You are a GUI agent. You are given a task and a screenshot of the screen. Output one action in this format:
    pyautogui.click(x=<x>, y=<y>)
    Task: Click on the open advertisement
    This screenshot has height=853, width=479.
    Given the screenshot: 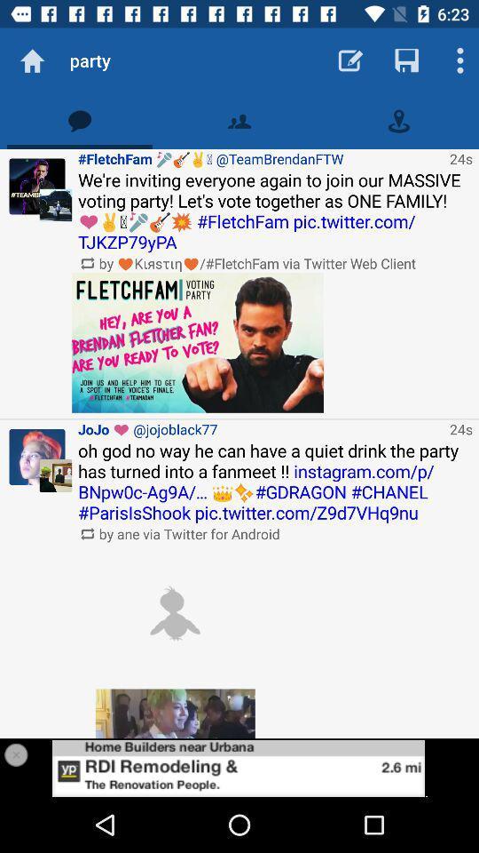 What is the action you would take?
    pyautogui.click(x=239, y=767)
    